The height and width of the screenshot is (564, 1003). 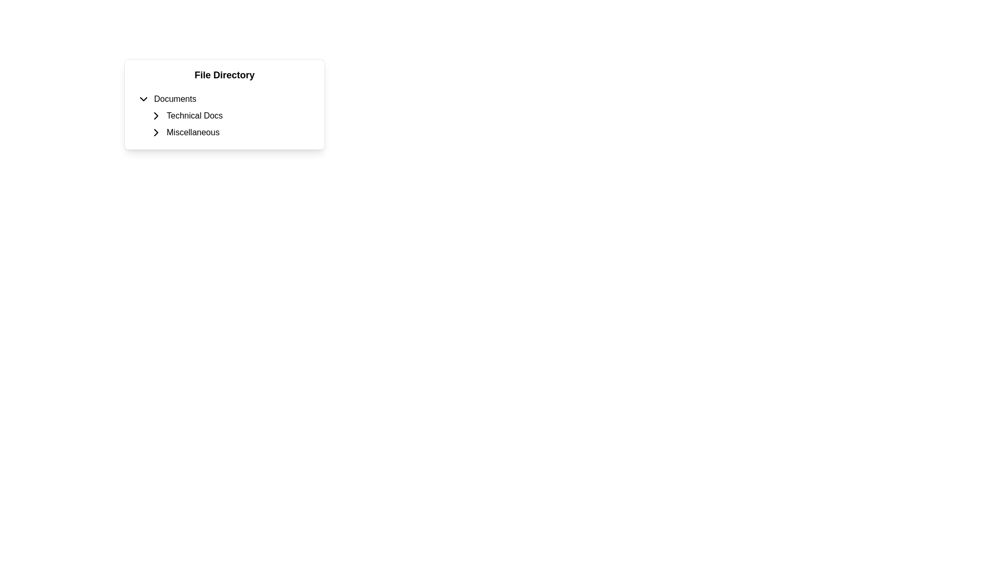 I want to click on the right-pointing chevron icon, so click(x=155, y=132).